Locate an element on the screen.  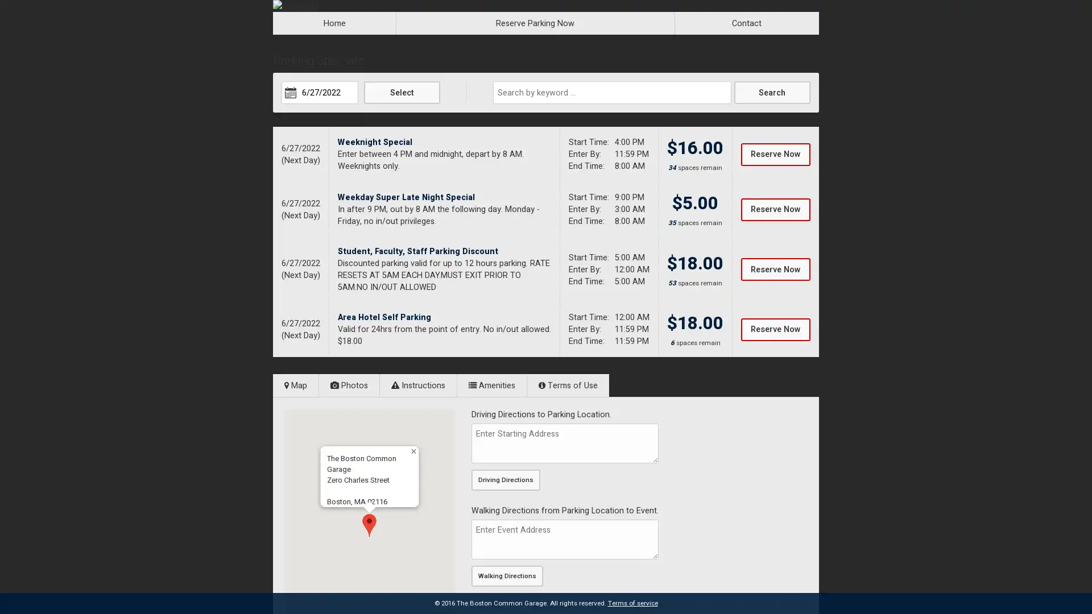
Reserve Now is located at coordinates (775, 209).